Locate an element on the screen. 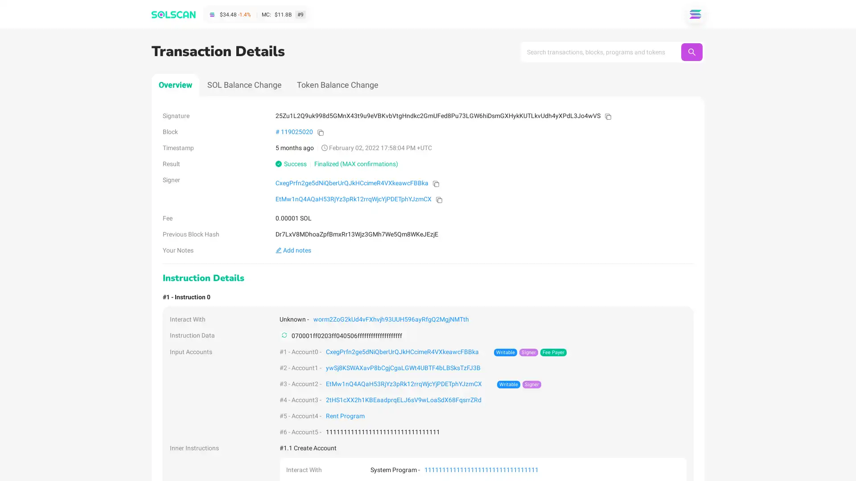  search is located at coordinates (691, 52).